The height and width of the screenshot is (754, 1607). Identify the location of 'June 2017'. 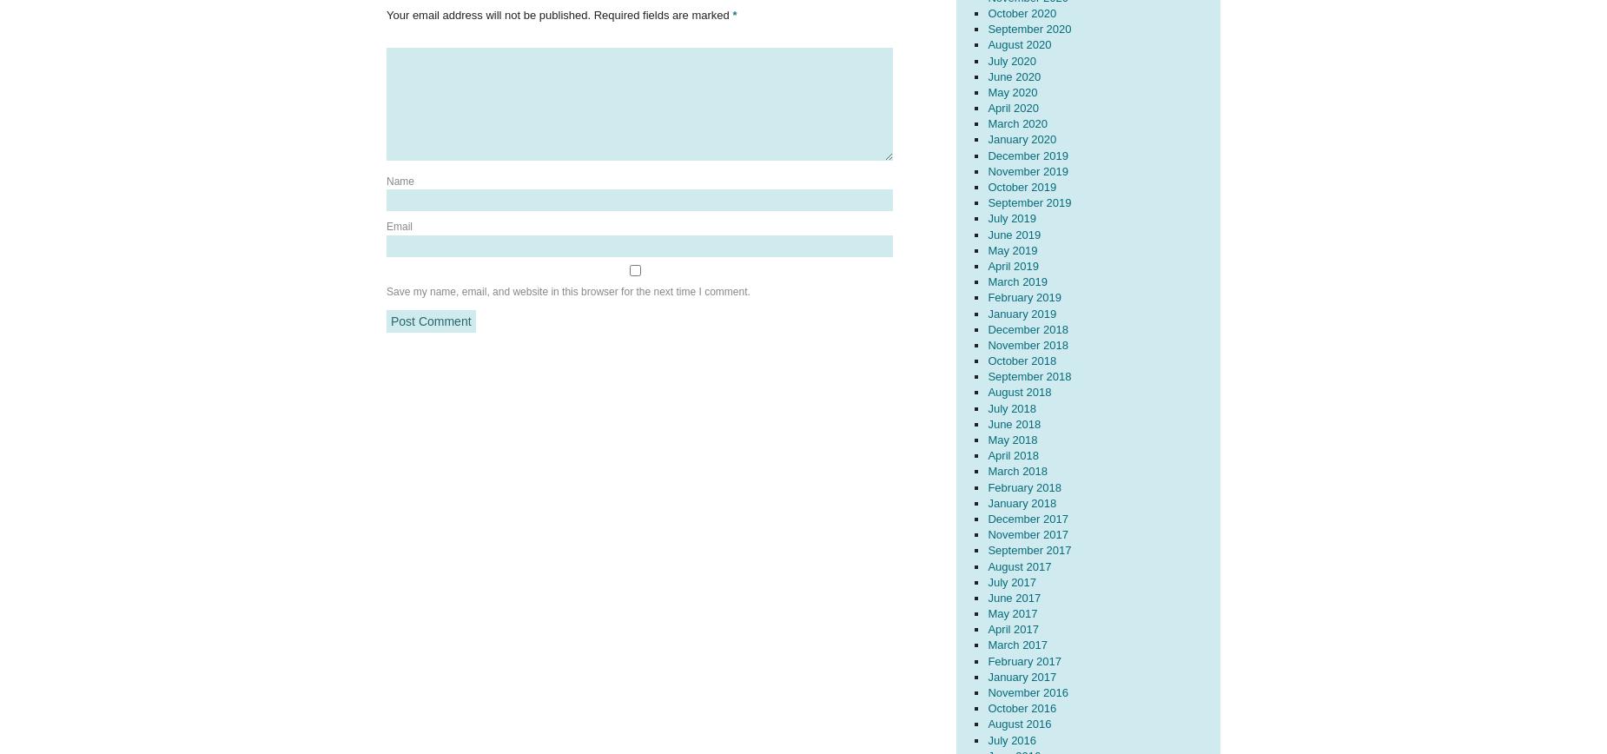
(1013, 597).